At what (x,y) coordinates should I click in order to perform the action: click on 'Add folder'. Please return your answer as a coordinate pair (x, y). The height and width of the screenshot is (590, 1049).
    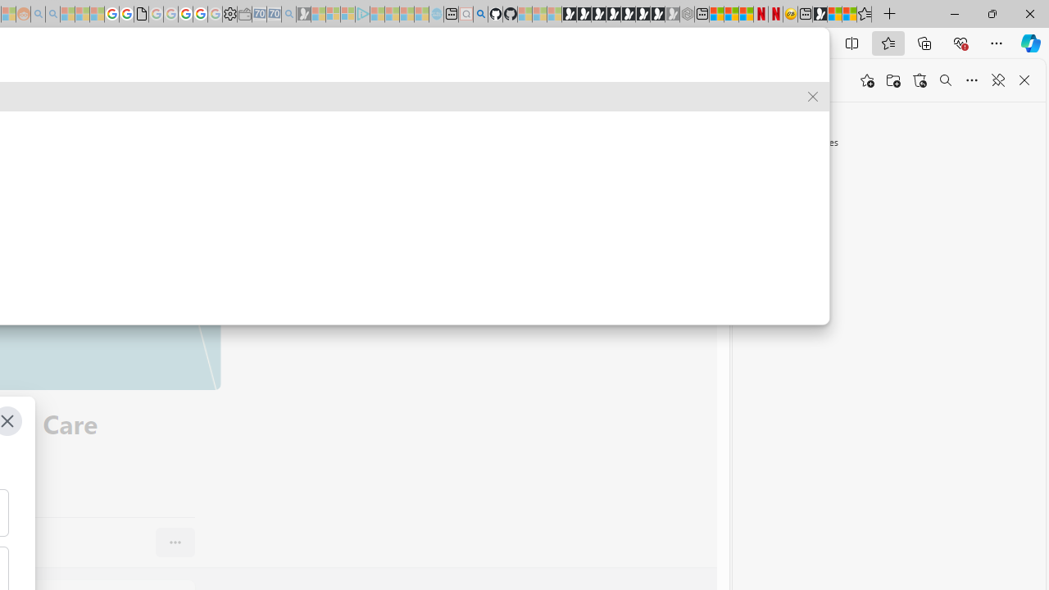
    Looking at the image, I should click on (892, 80).